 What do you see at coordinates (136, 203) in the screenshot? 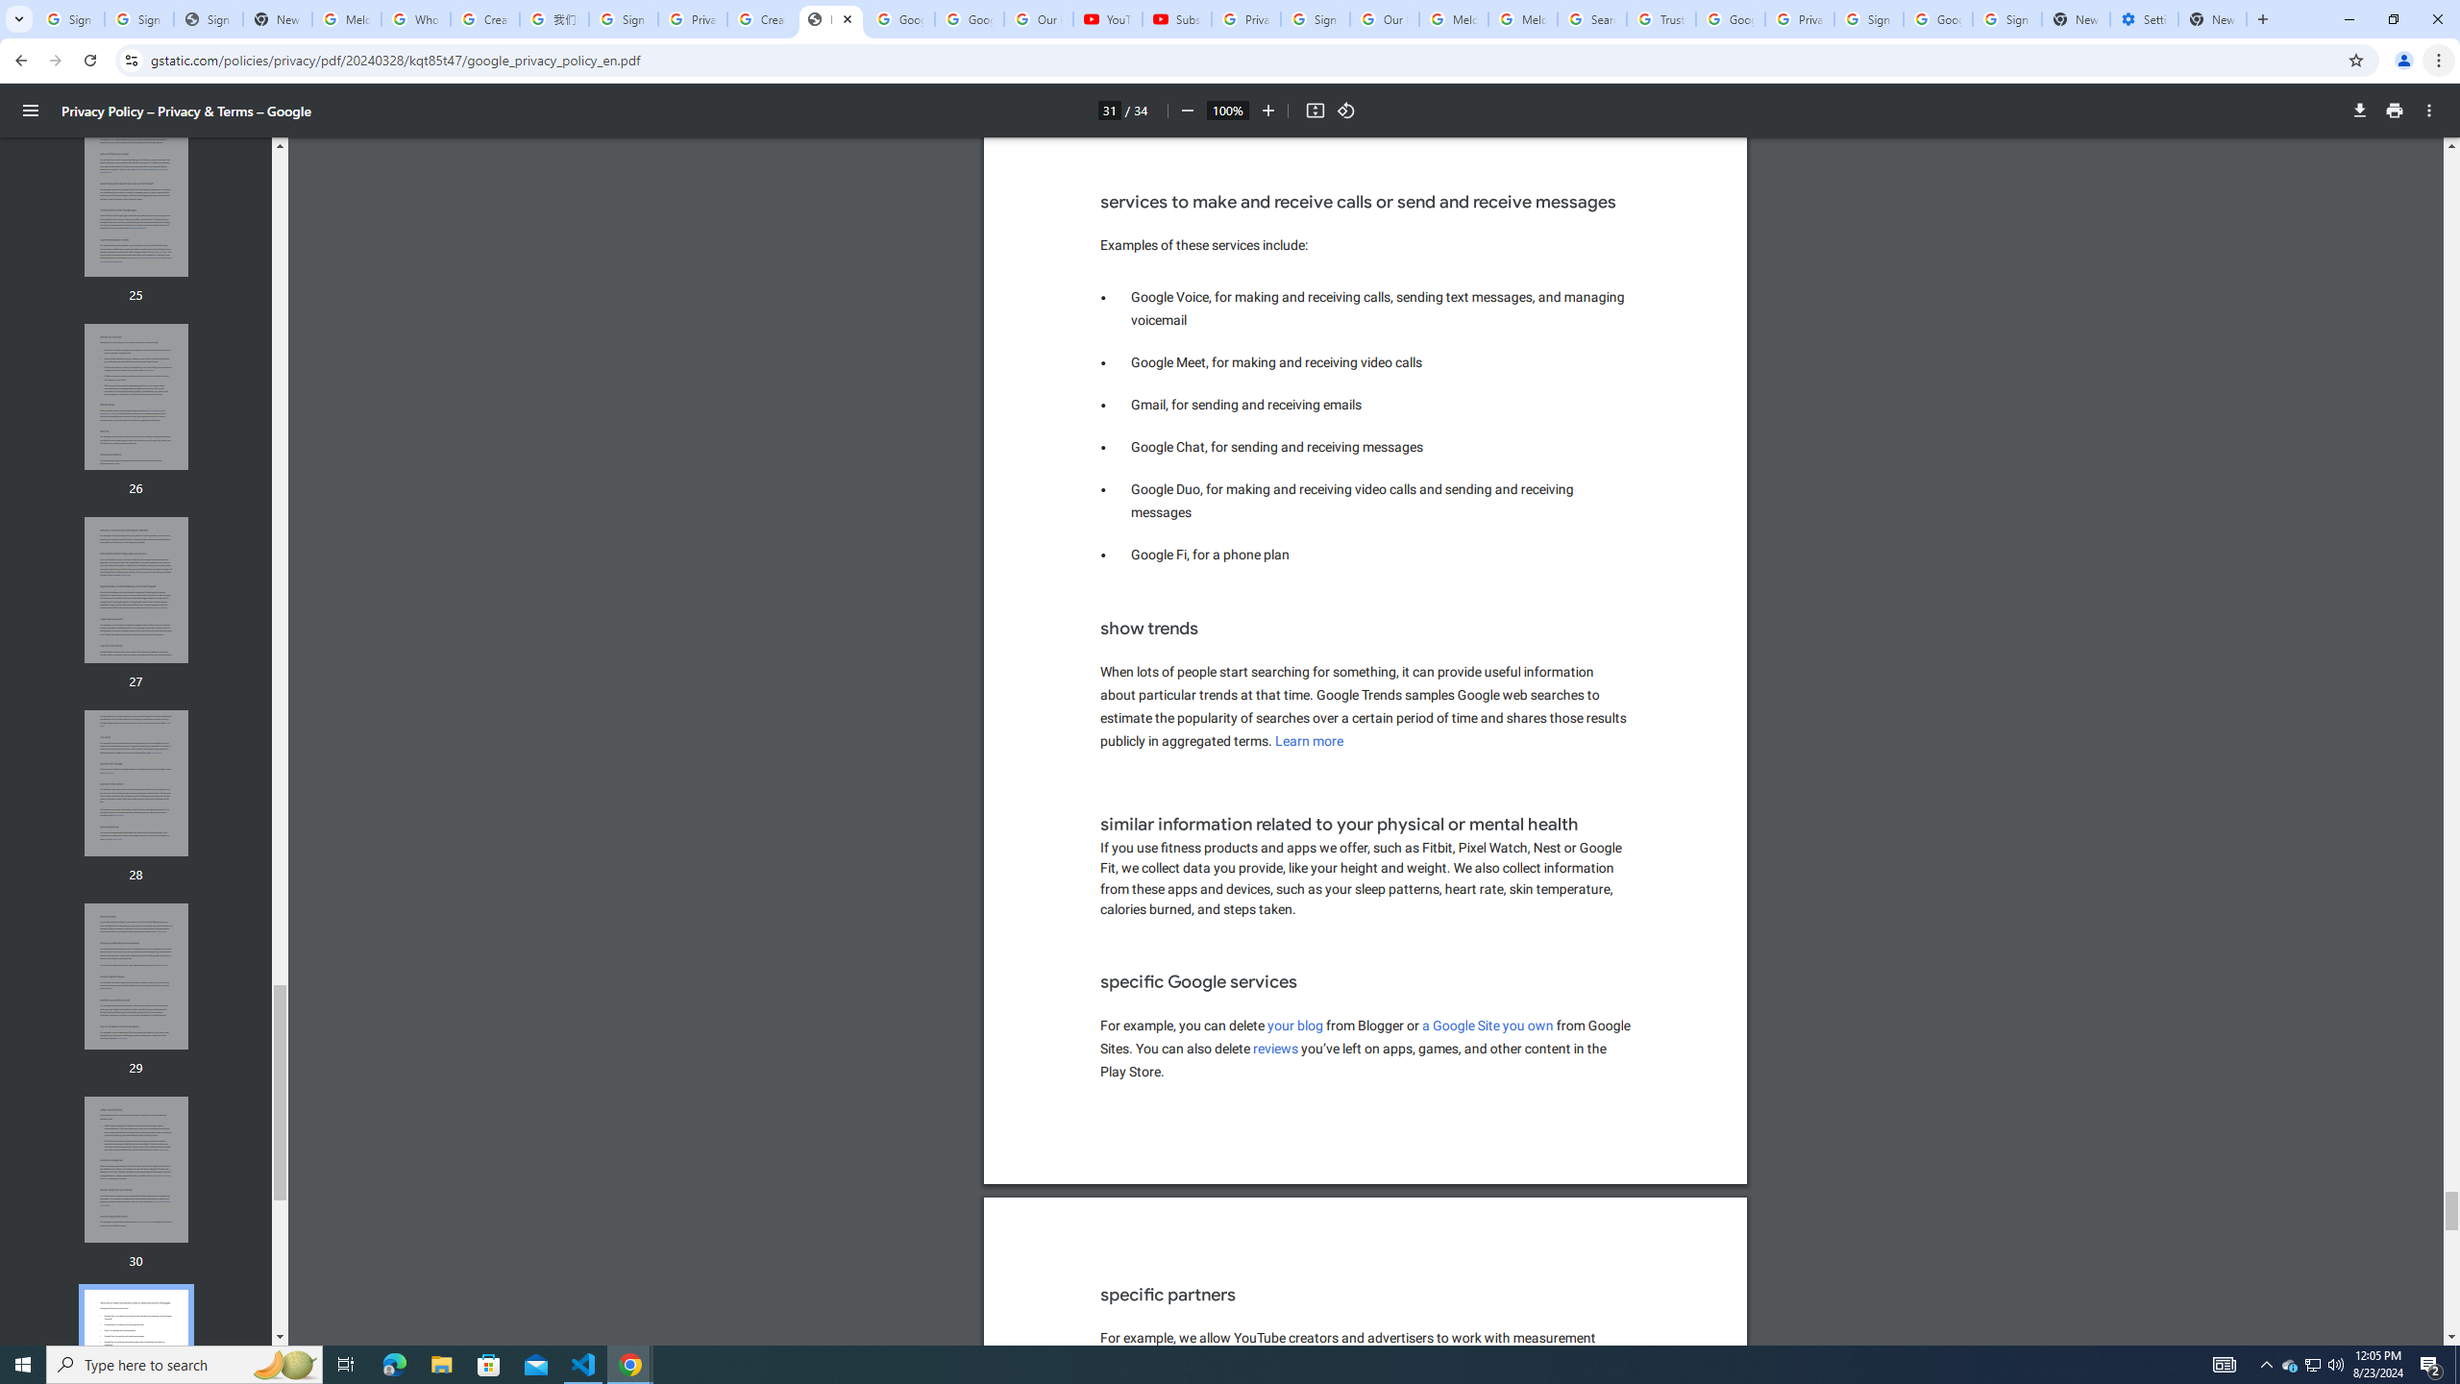
I see `'Thumbnail for page 25'` at bounding box center [136, 203].